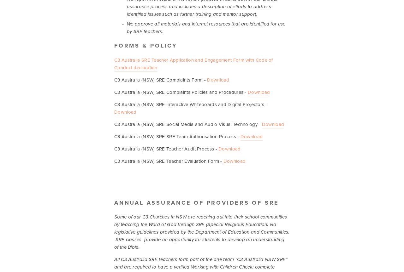  What do you see at coordinates (169, 161) in the screenshot?
I see `'C3 Australia (NSW) SRE Teacher Evaluation Form -'` at bounding box center [169, 161].